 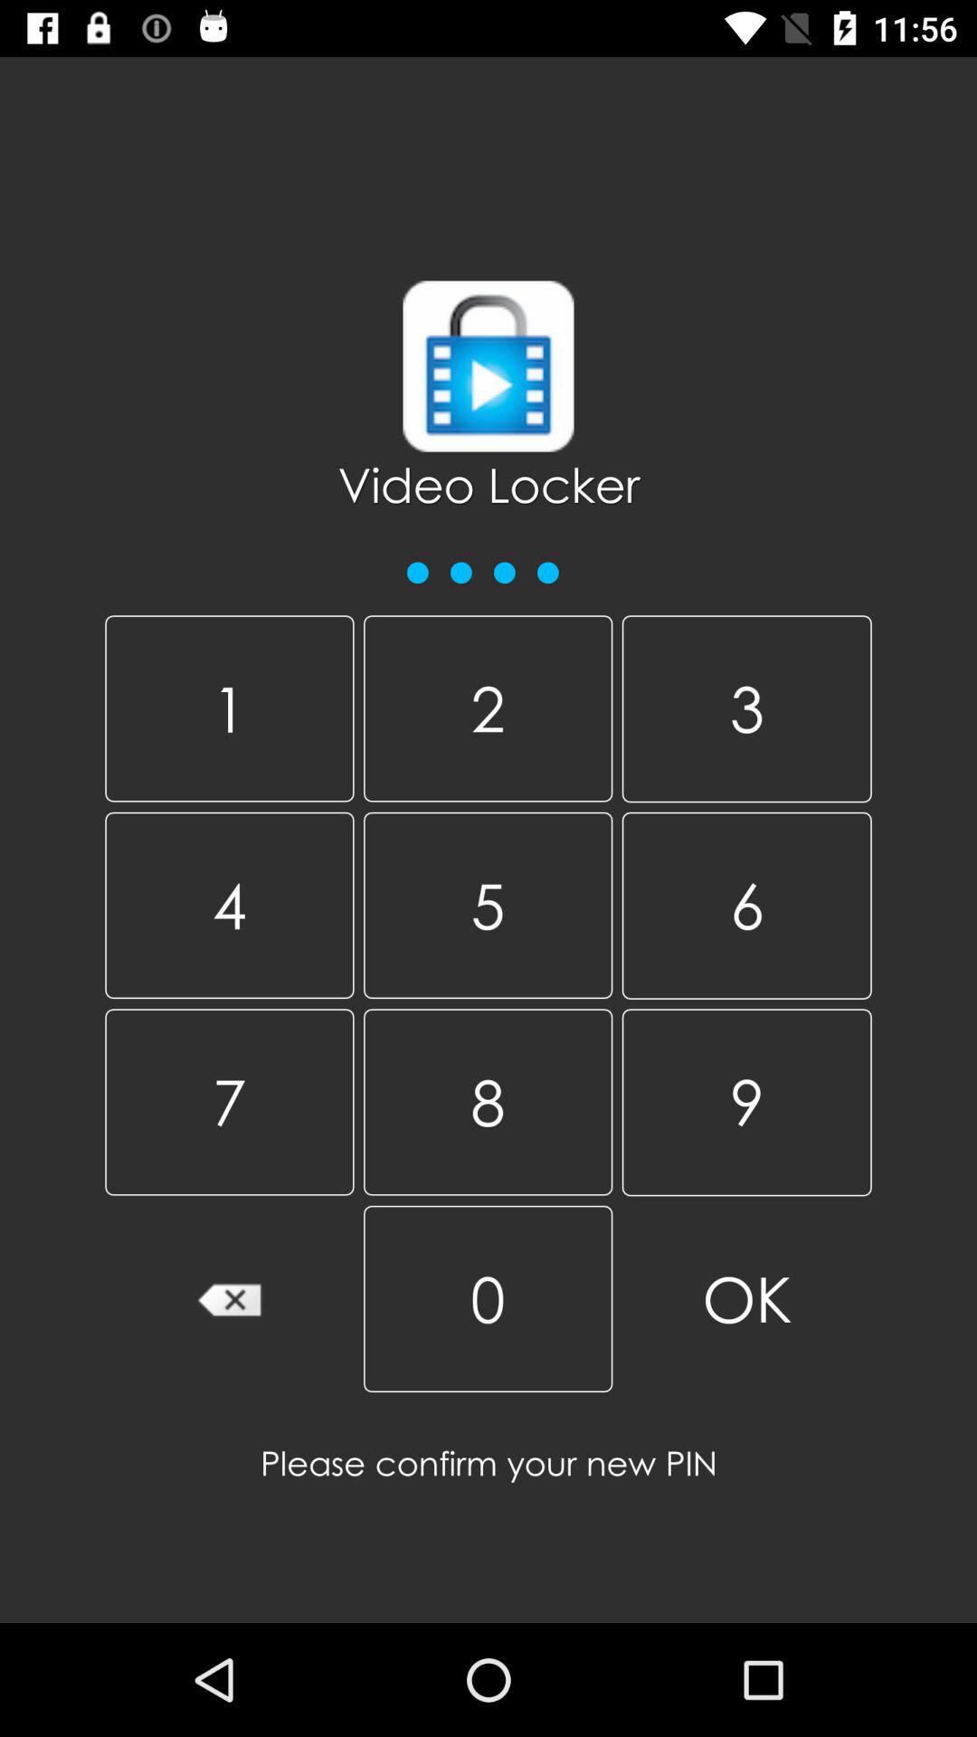 What do you see at coordinates (487, 905) in the screenshot?
I see `the 5 icon` at bounding box center [487, 905].